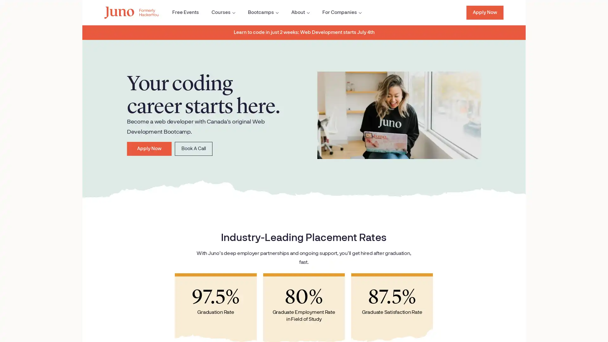  I want to click on Open the Bootcamps sub menu., so click(258, 12).